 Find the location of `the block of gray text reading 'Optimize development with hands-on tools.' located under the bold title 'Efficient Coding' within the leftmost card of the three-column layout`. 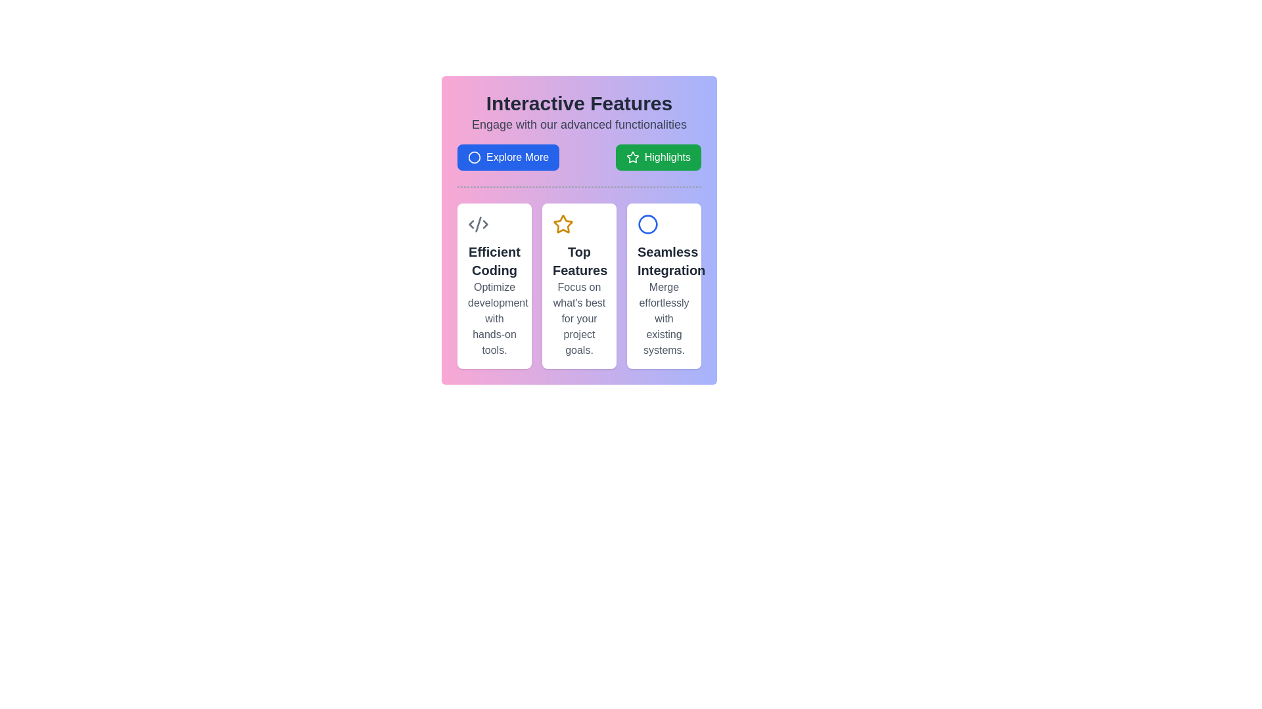

the block of gray text reading 'Optimize development with hands-on tools.' located under the bold title 'Efficient Coding' within the leftmost card of the three-column layout is located at coordinates (494, 319).